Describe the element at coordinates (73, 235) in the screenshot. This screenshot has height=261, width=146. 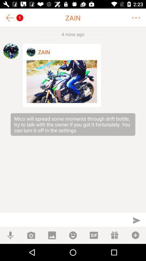
I see `emoticons` at that location.